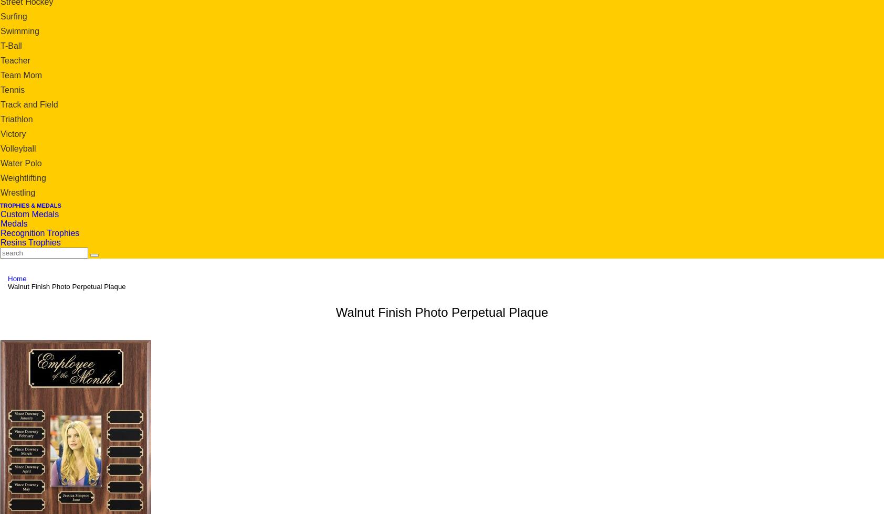  What do you see at coordinates (39, 232) in the screenshot?
I see `'Recognition Trophies'` at bounding box center [39, 232].